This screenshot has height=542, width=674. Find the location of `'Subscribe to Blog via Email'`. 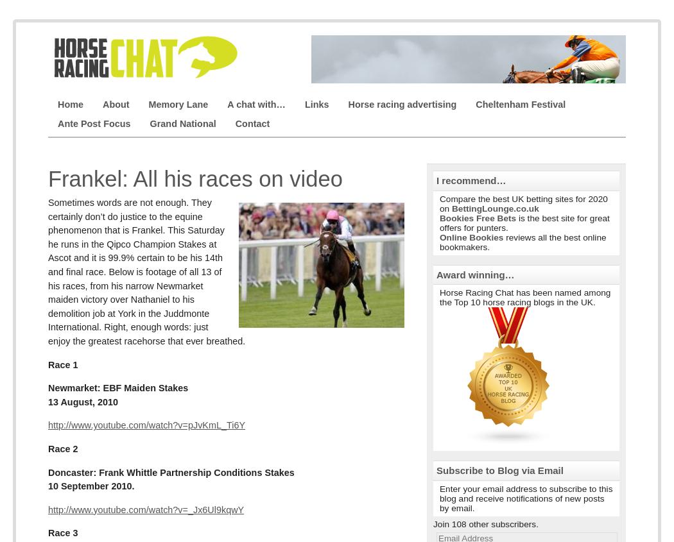

'Subscribe to Blog via Email' is located at coordinates (499, 470).